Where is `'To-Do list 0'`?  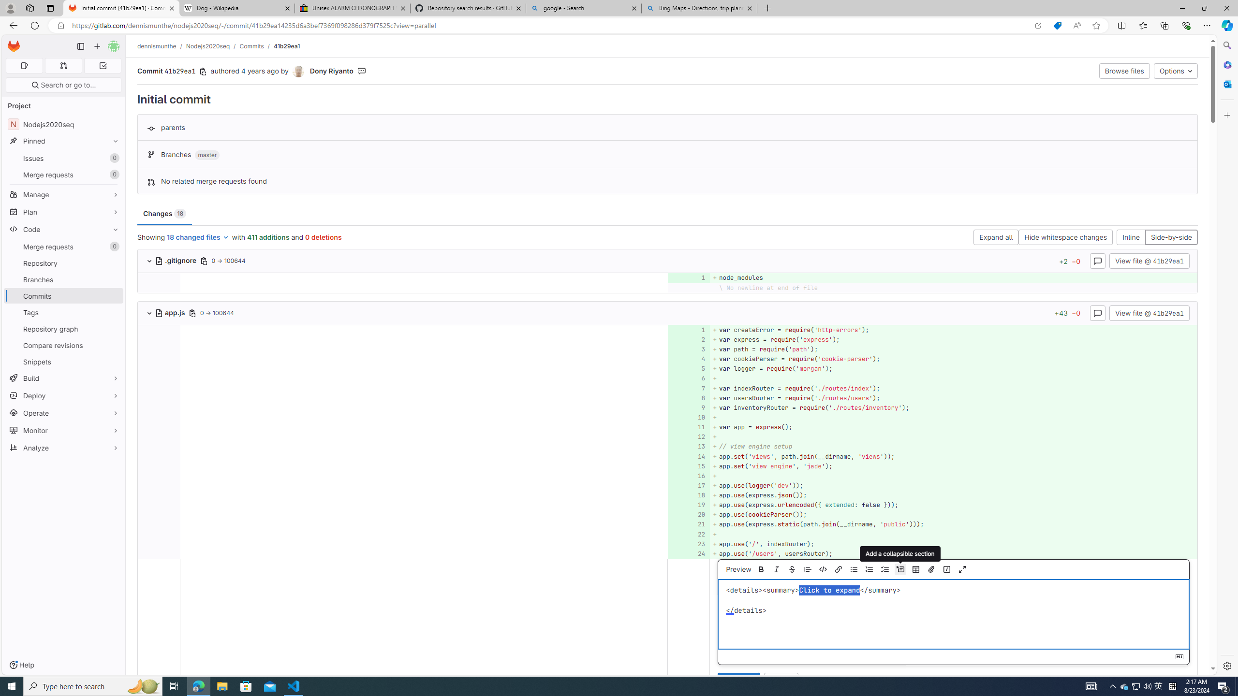 'To-Do list 0' is located at coordinates (102, 65).